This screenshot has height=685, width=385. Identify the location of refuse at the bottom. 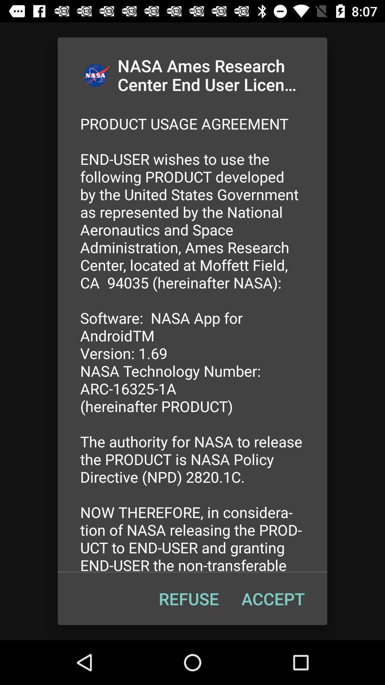
(188, 599).